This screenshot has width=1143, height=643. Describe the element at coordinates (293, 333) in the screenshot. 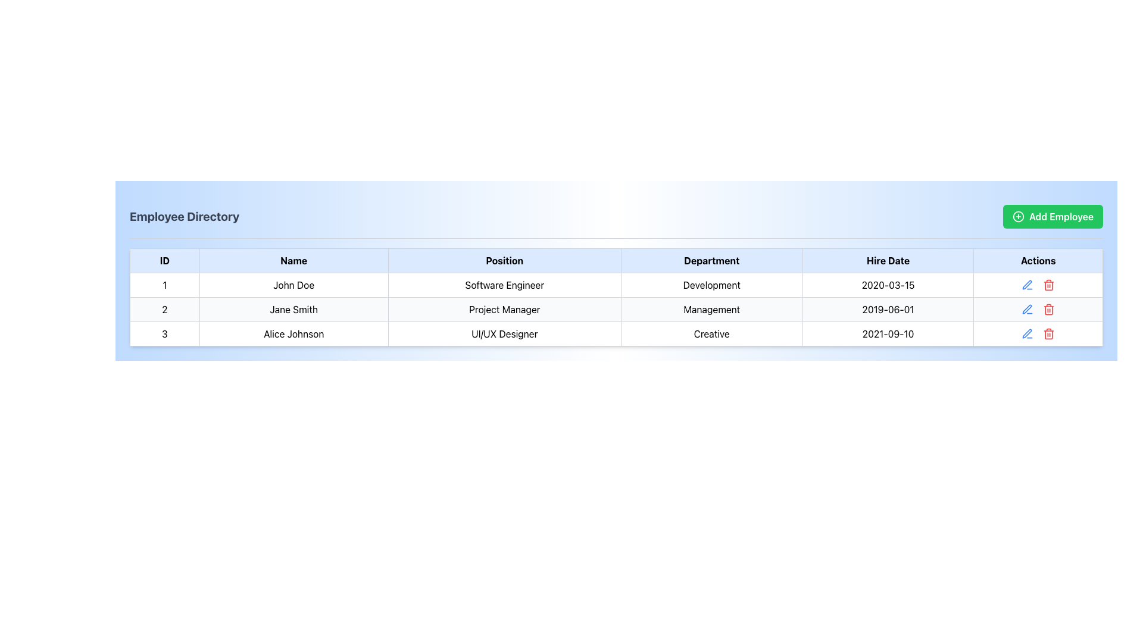

I see `the text cell displaying 'Alice Johnson'` at that location.